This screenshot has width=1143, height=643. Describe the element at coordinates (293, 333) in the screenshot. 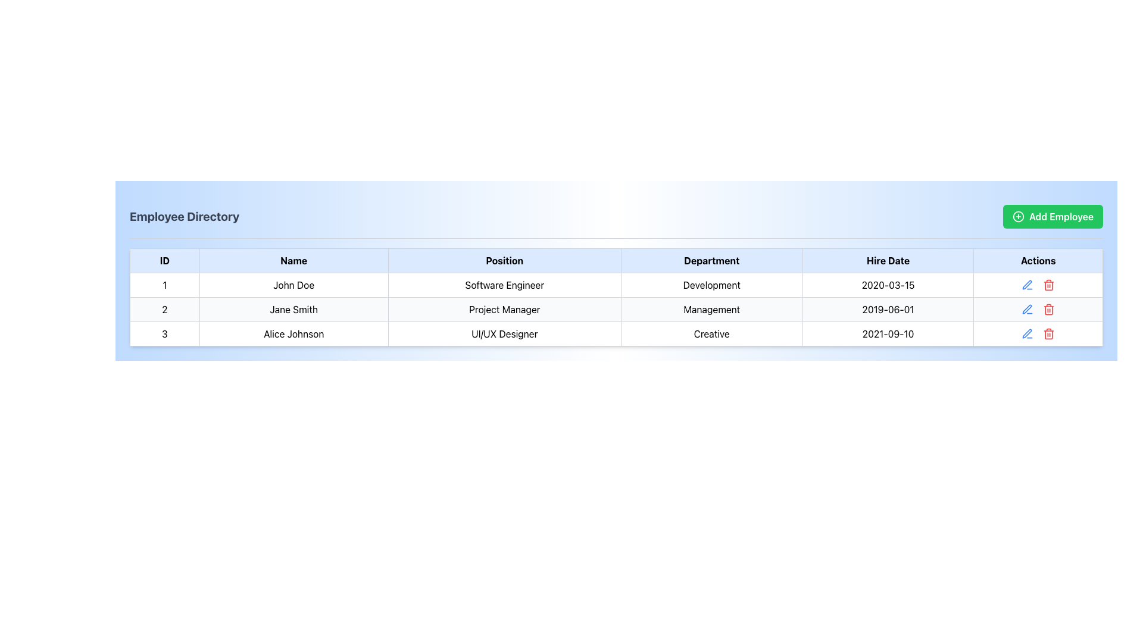

I see `the text cell displaying 'Alice Johnson'` at that location.